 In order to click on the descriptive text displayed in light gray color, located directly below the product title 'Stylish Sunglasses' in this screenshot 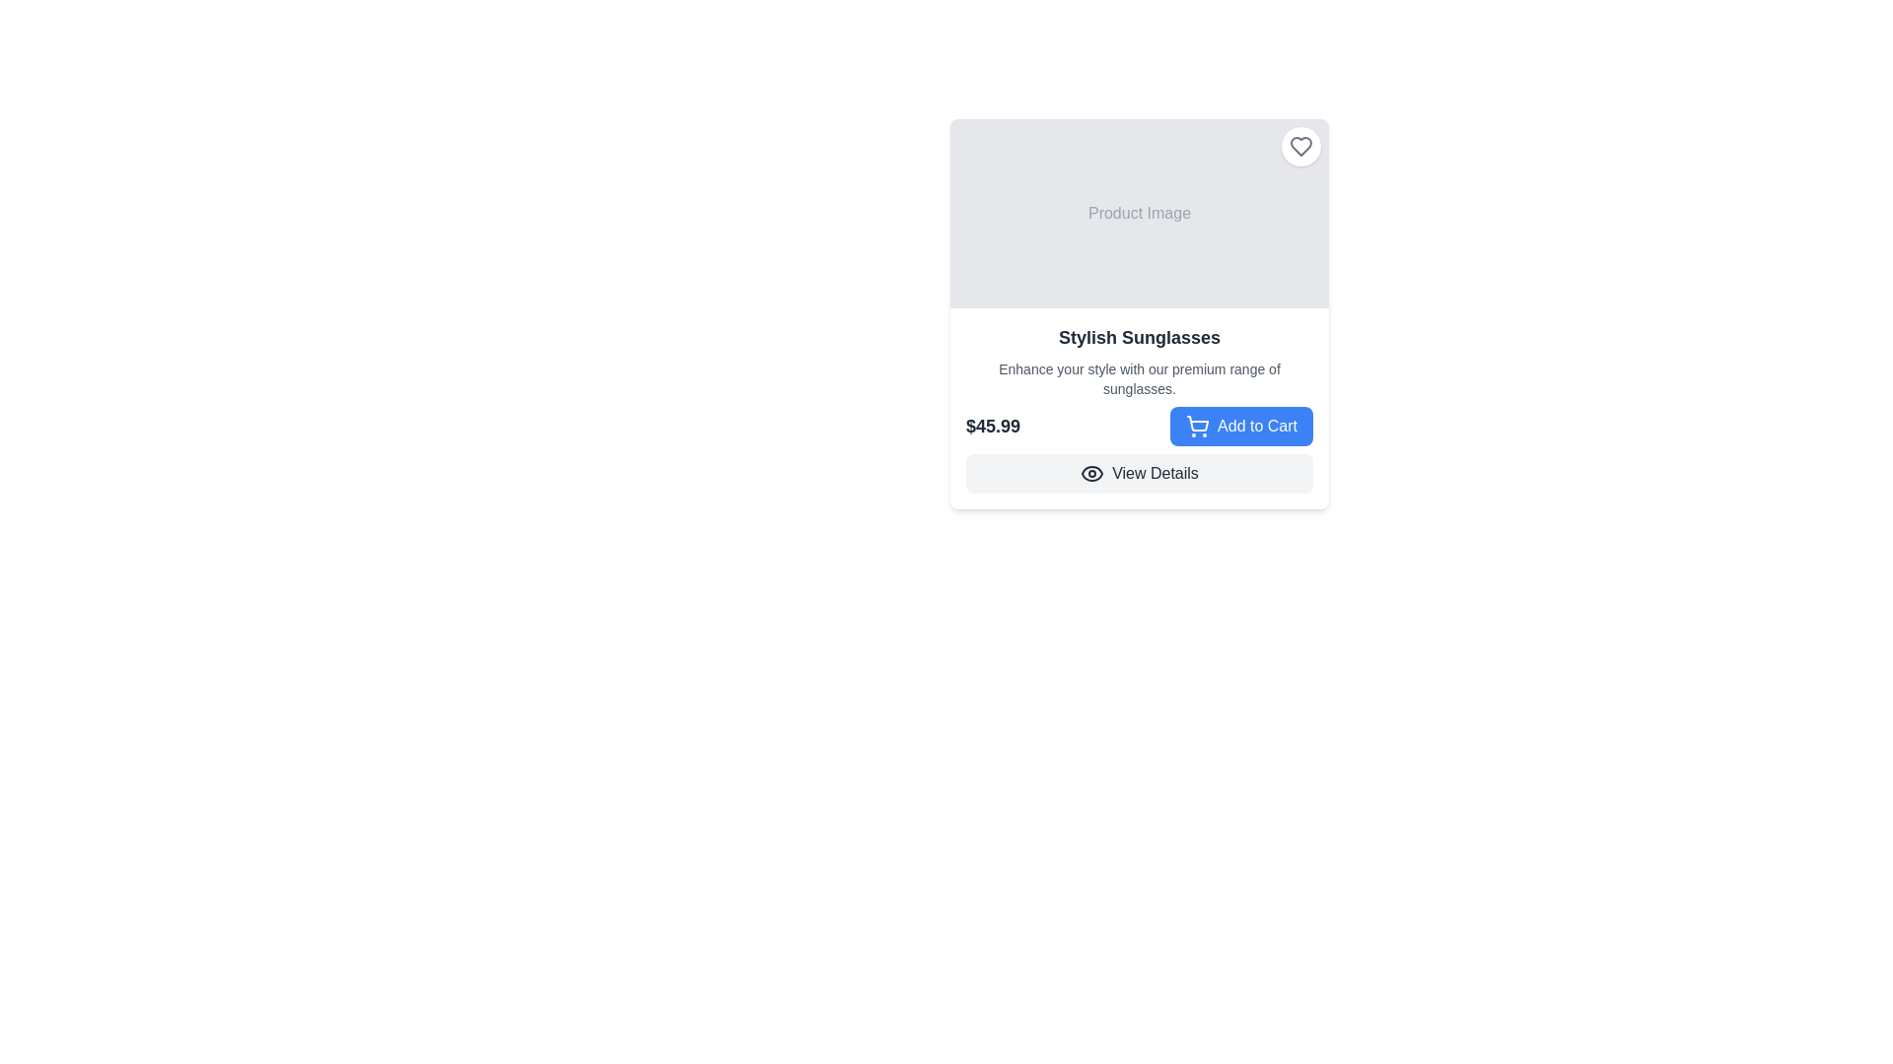, I will do `click(1140, 379)`.